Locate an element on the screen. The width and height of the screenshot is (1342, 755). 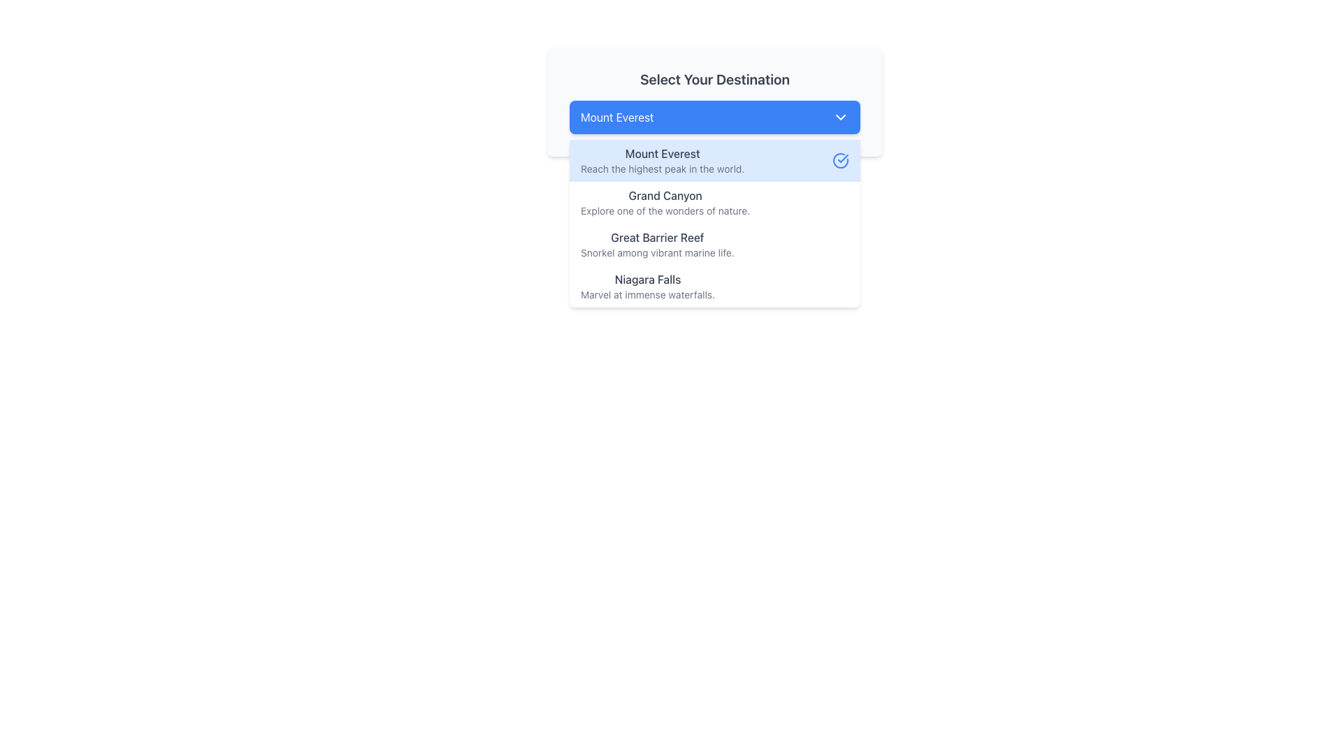
the dropdown button located below the title 'Select Your Destination' in the card-style component is located at coordinates (714, 117).